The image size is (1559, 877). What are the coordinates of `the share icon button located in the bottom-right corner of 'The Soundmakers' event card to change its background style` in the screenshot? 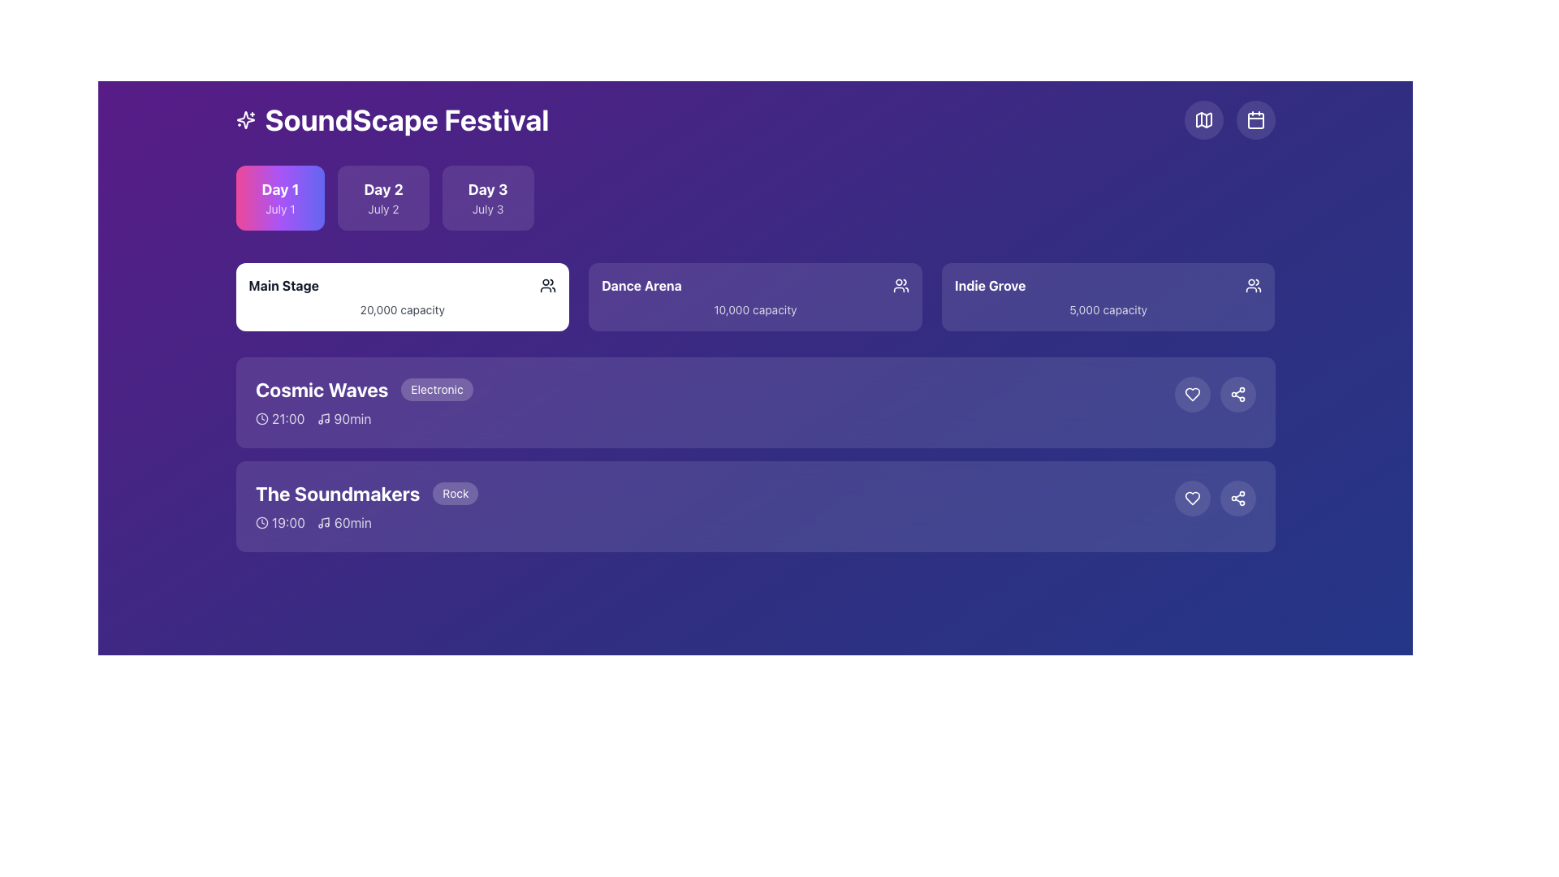 It's located at (1237, 395).